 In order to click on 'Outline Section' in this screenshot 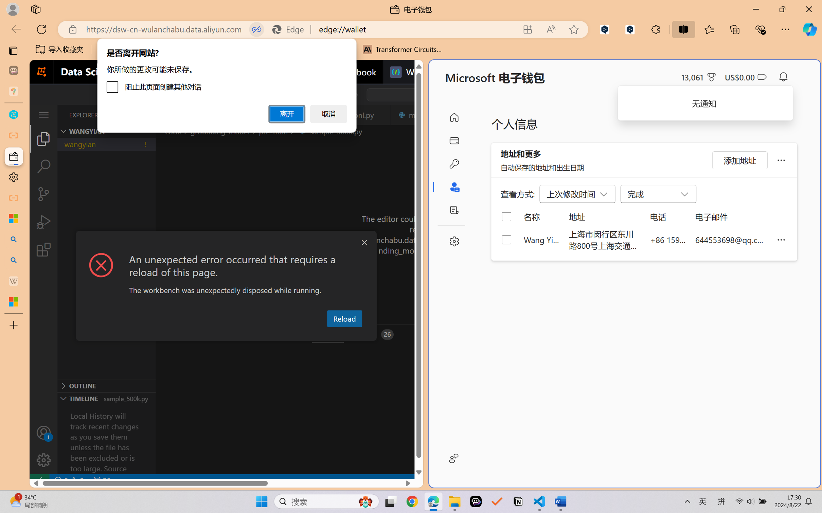, I will do `click(106, 385)`.